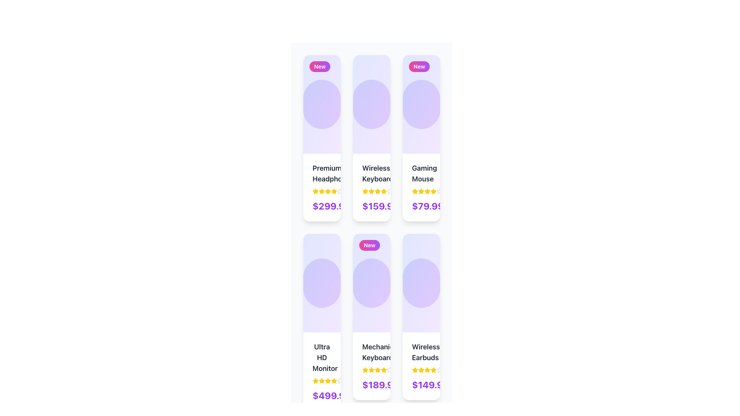 The image size is (740, 416). What do you see at coordinates (433, 191) in the screenshot?
I see `the sixth star icon, which is filled with a bright yellow color, indicating a rating feature within the product card layout` at bounding box center [433, 191].